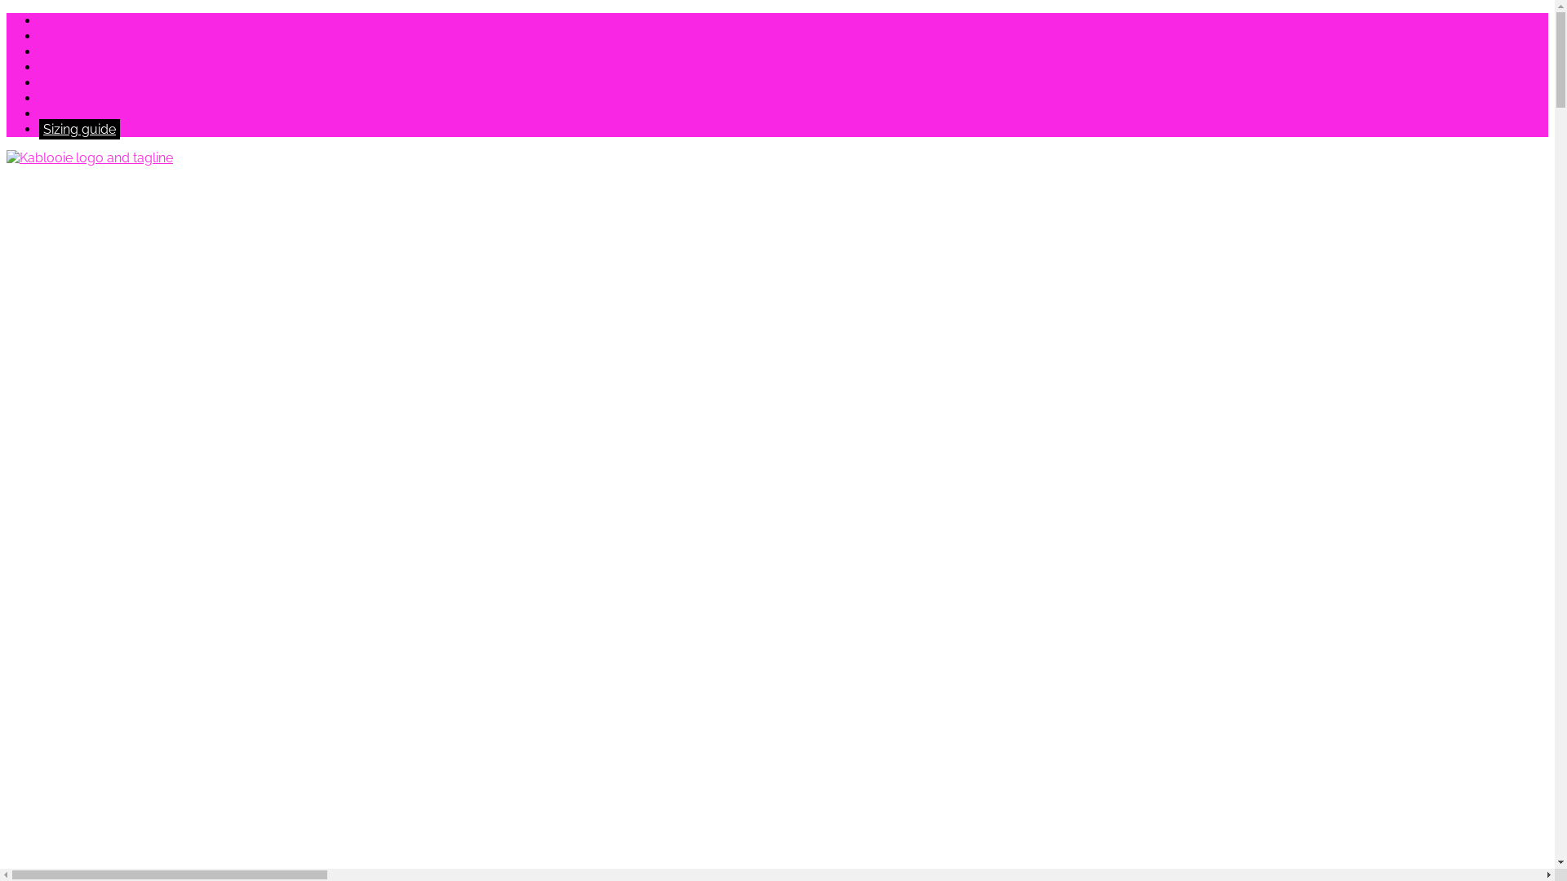  I want to click on 'Sizing guide', so click(78, 128).